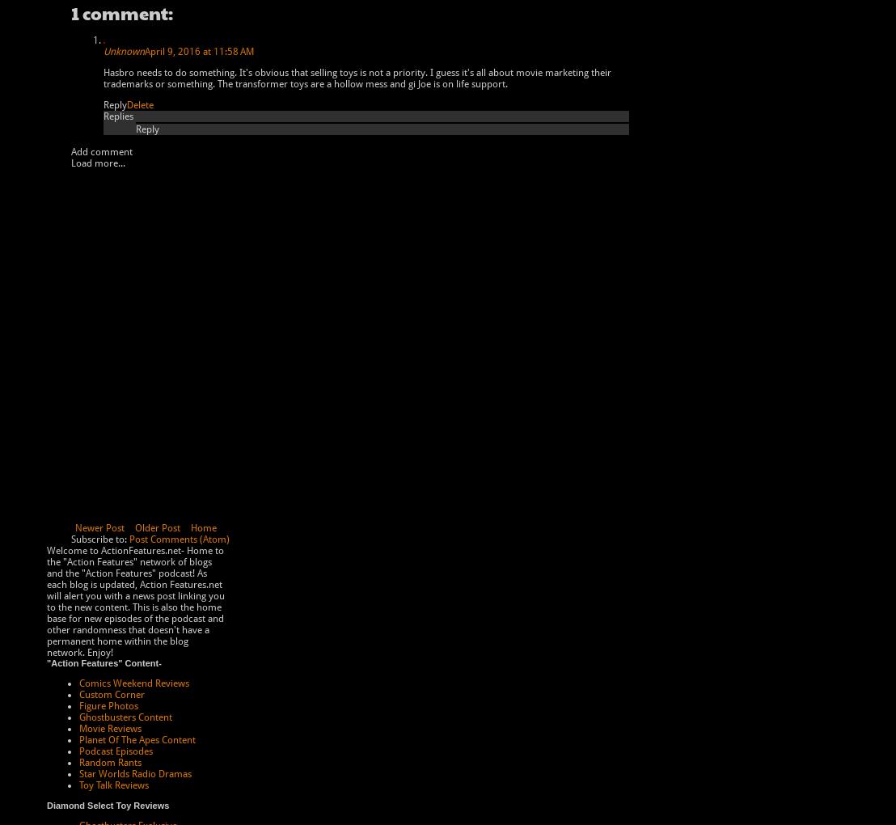  What do you see at coordinates (158, 528) in the screenshot?
I see `'Older Post'` at bounding box center [158, 528].